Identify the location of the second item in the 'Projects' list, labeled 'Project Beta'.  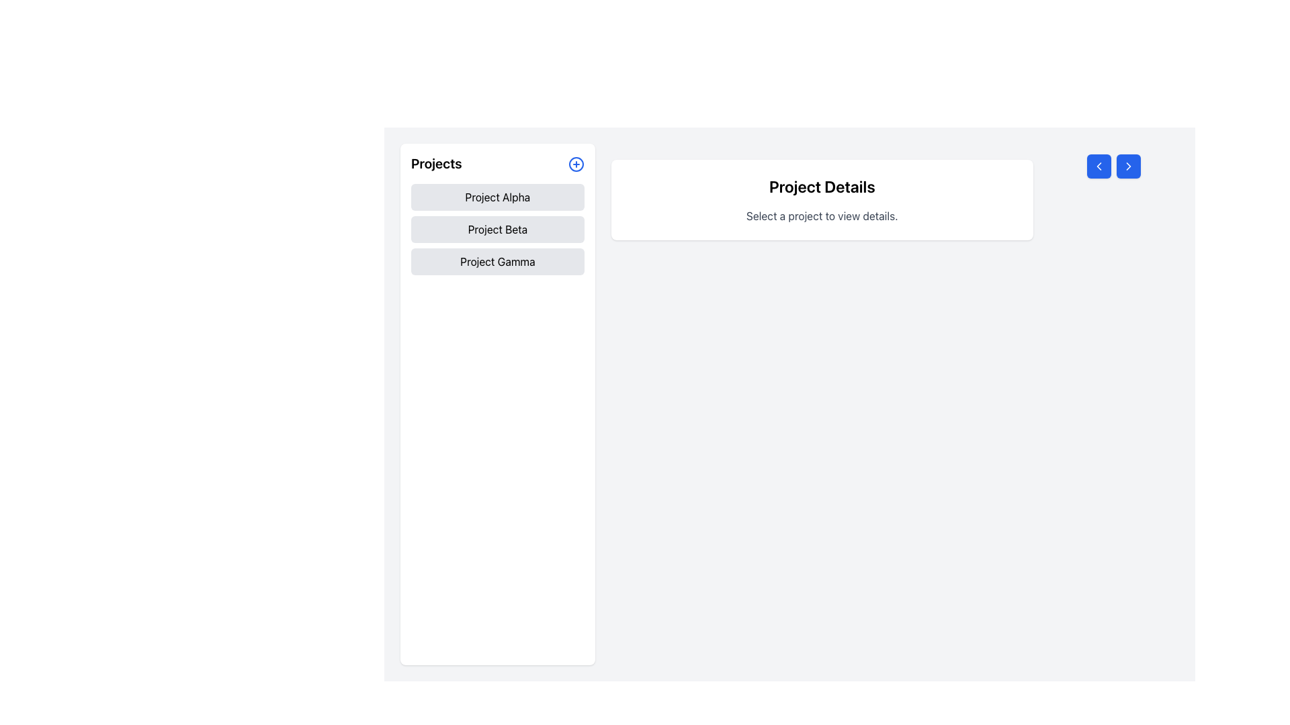
(497, 229).